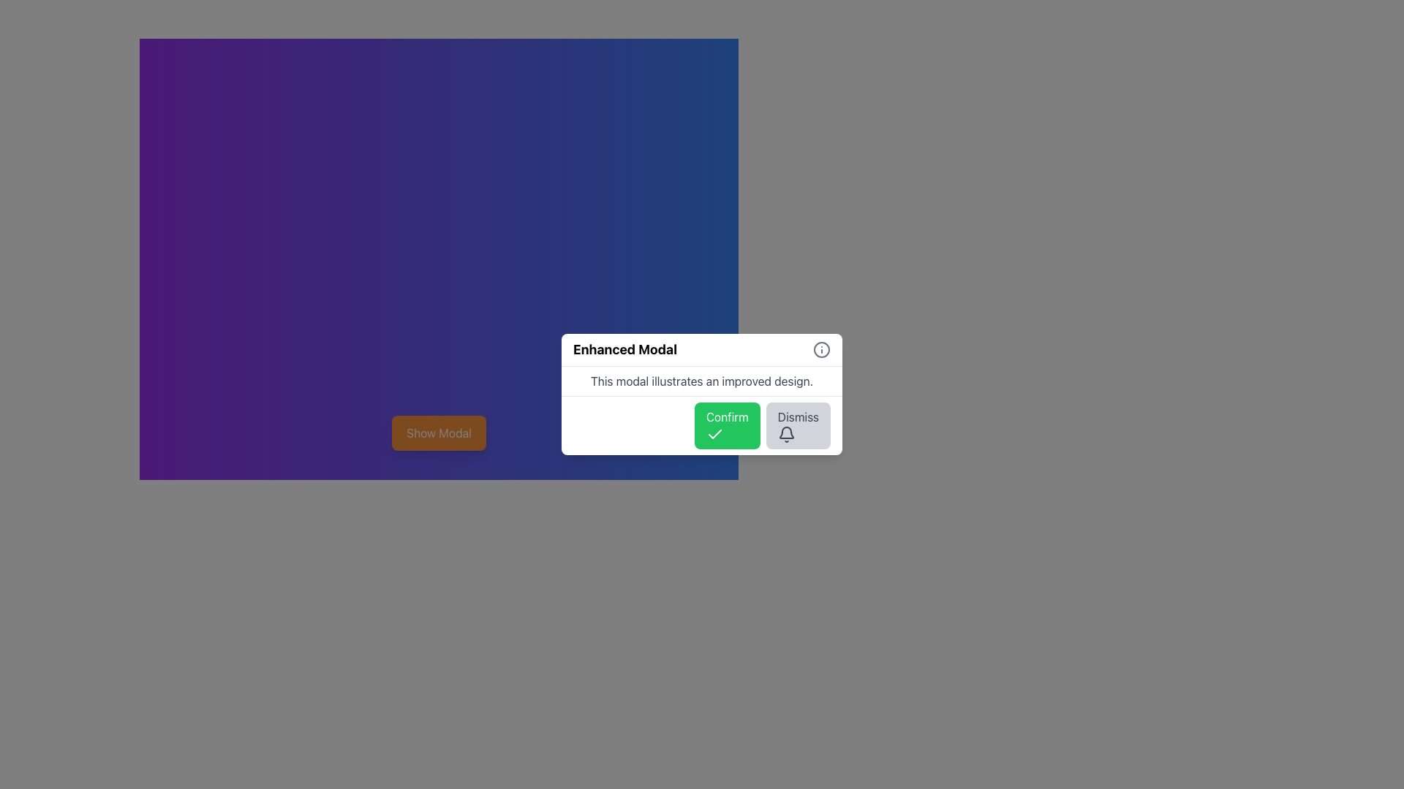 This screenshot has width=1404, height=789. I want to click on the visual representation of the checkmark-shaped SVG icon located within the 'Confirm' button in the modal dialog, to the left of the button's text, so click(714, 433).